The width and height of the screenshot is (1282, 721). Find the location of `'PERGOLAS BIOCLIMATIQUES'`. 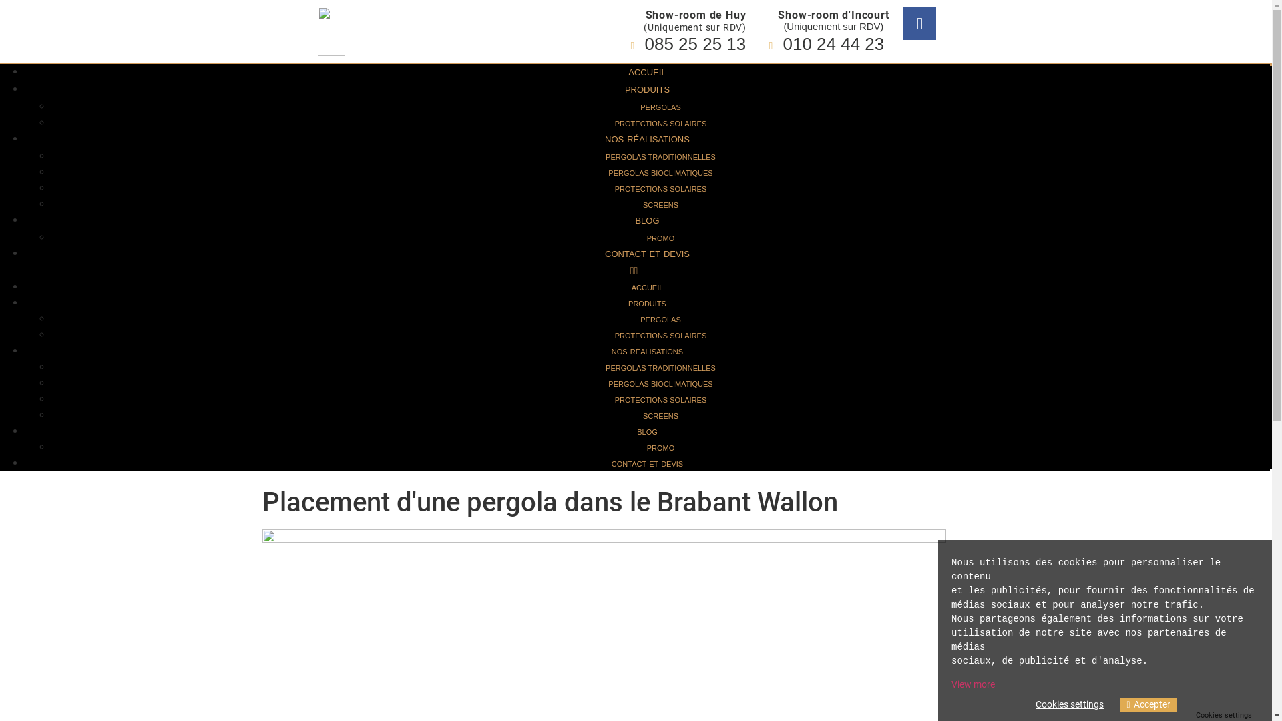

'PERGOLAS BIOCLIMATIQUES' is located at coordinates (608, 172).